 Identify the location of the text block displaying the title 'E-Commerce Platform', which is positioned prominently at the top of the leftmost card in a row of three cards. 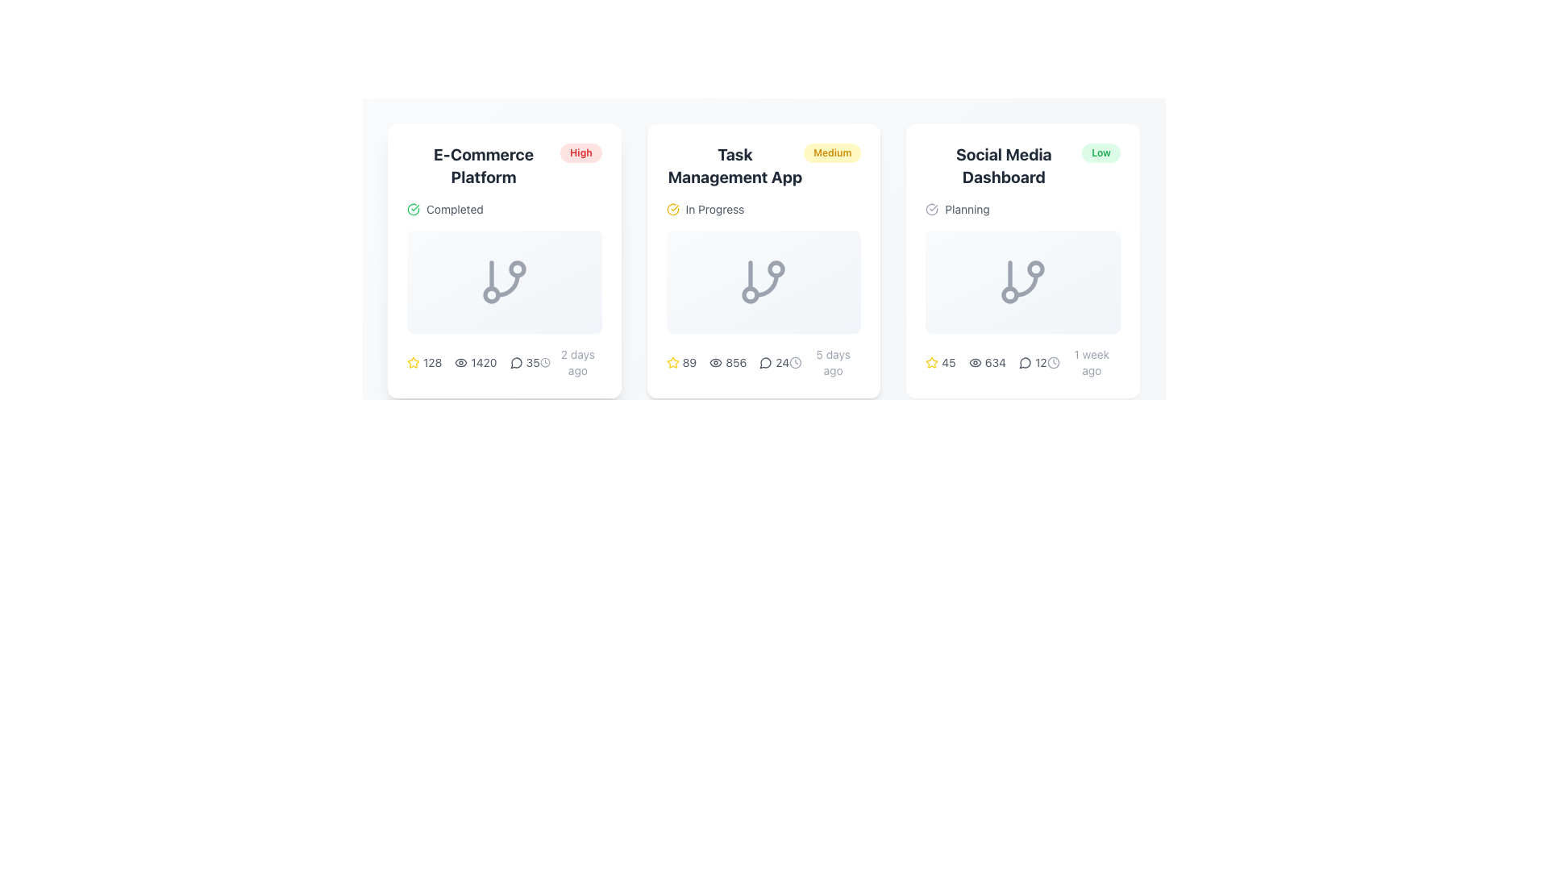
(483, 165).